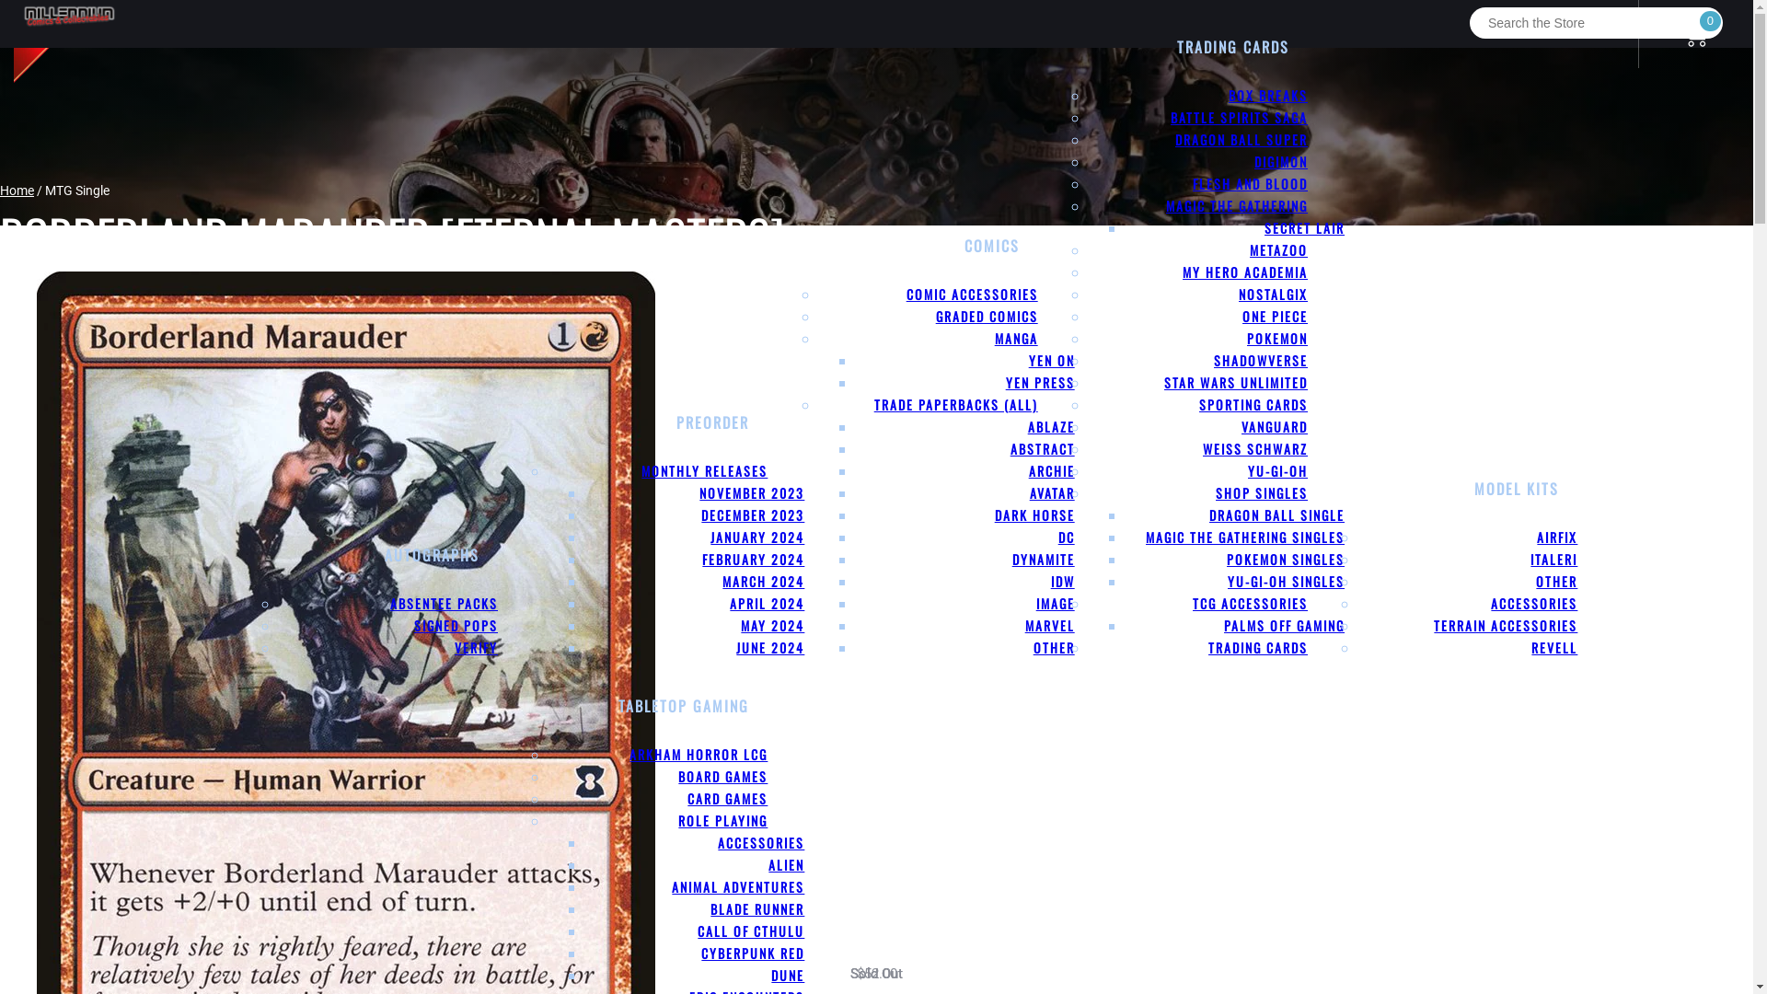 The width and height of the screenshot is (1767, 994). What do you see at coordinates (955, 403) in the screenshot?
I see `'TRADE PAPERBACKS (ALL)'` at bounding box center [955, 403].